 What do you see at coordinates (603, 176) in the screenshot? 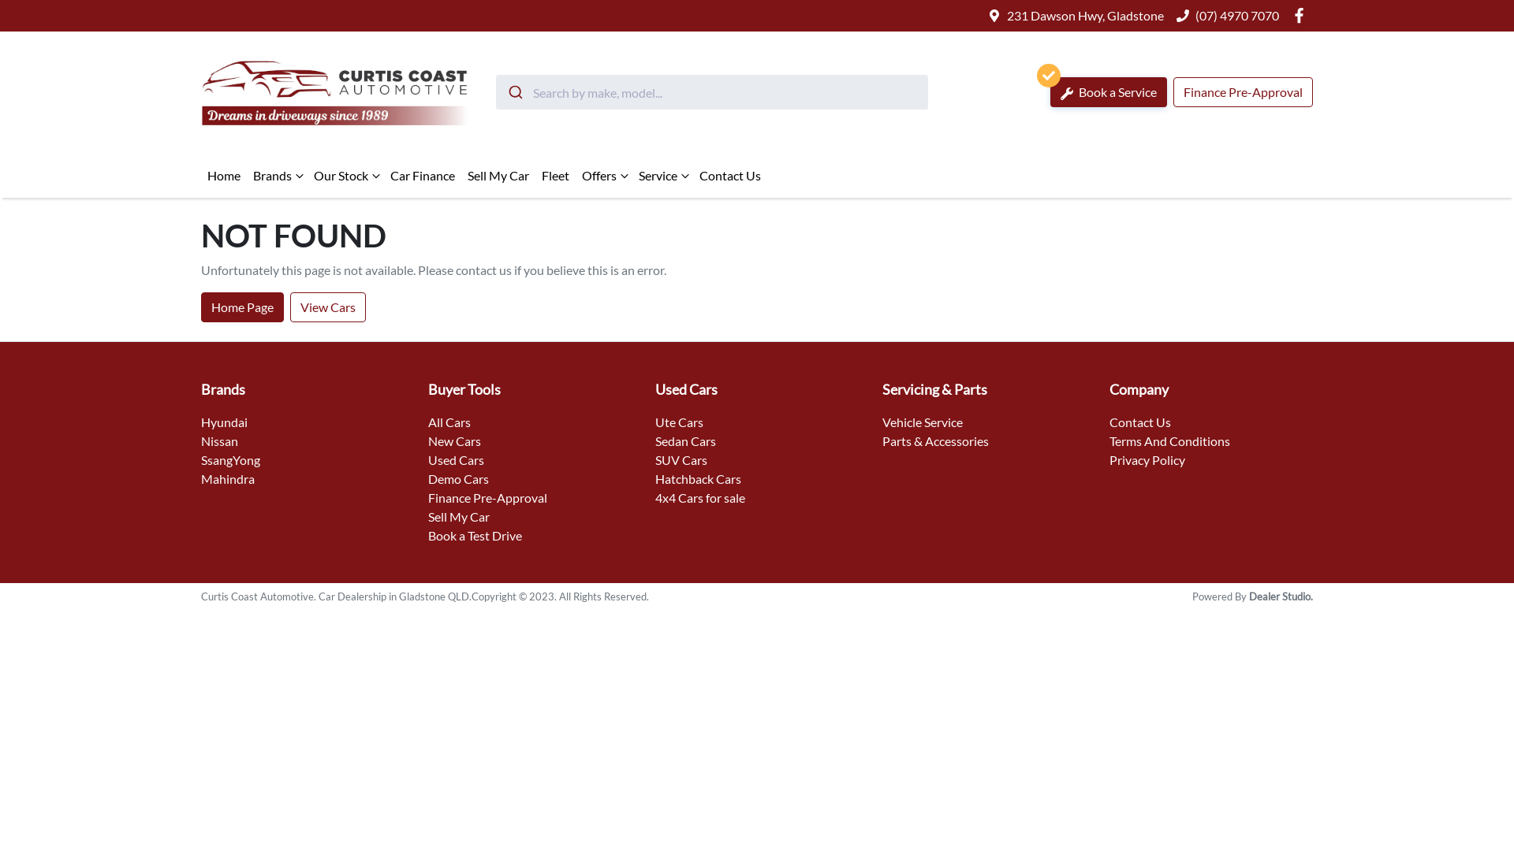
I see `'Offers'` at bounding box center [603, 176].